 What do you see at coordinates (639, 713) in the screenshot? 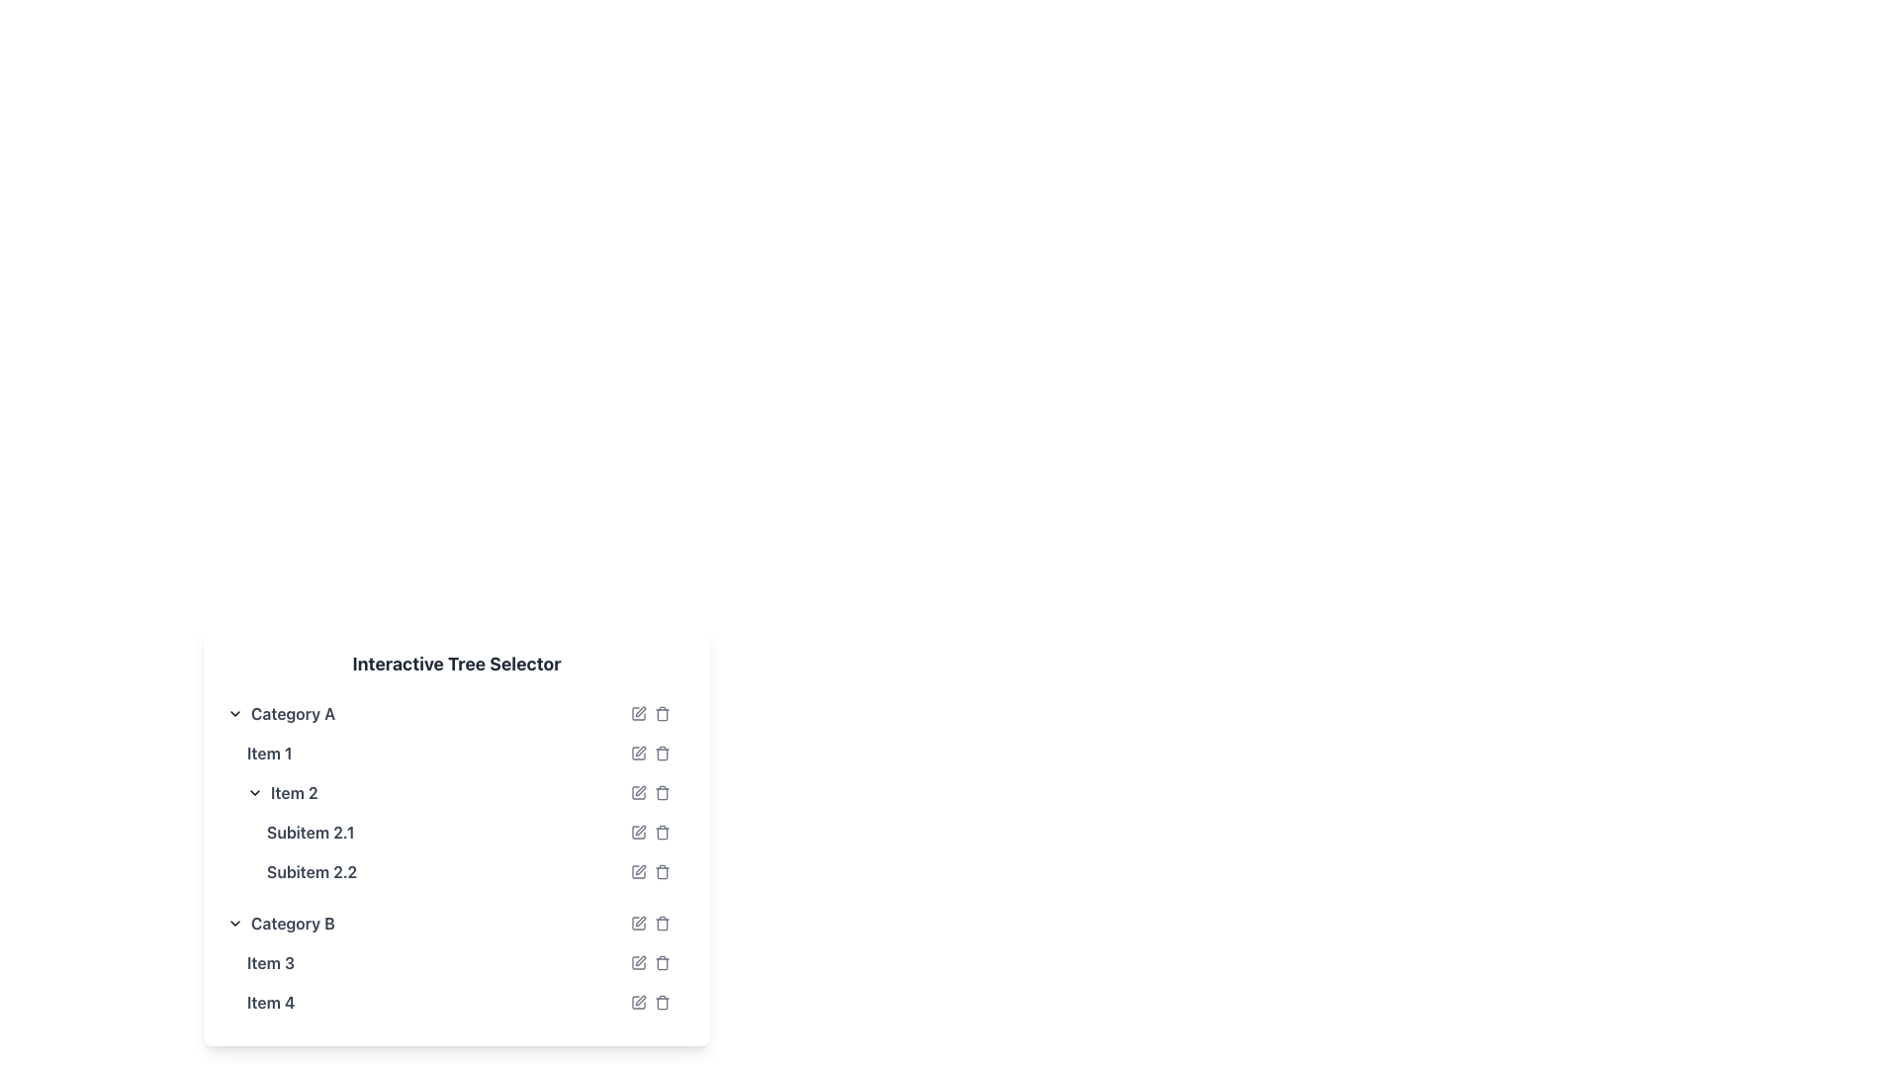
I see `the Edit icon button located on the right side of the 'Category A' label in the 'Interactive Tree Selector' interface` at bounding box center [639, 713].